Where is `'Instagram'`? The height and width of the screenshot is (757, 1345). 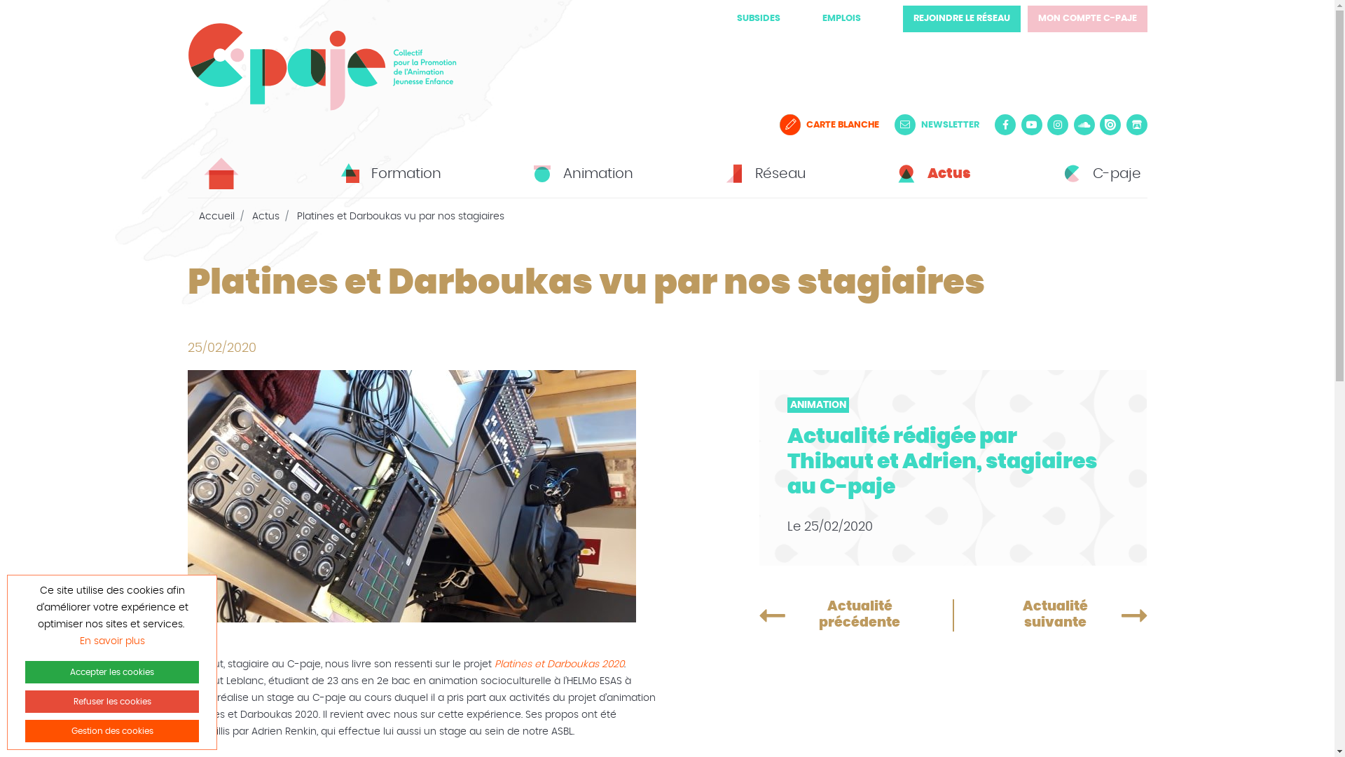 'Instagram' is located at coordinates (1058, 123).